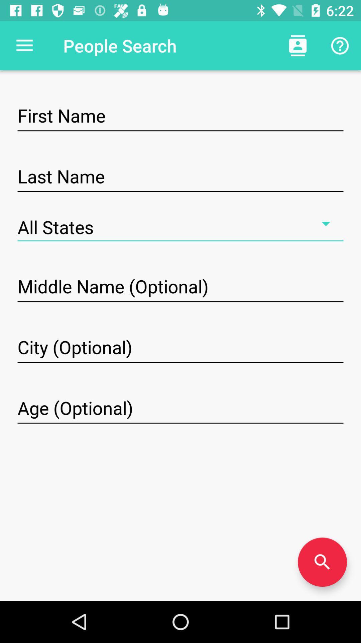  I want to click on icon to the right of the people search icon, so click(297, 45).